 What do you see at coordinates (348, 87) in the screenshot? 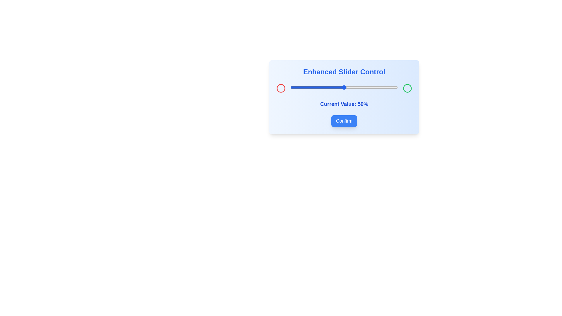
I see `the slider` at bounding box center [348, 87].